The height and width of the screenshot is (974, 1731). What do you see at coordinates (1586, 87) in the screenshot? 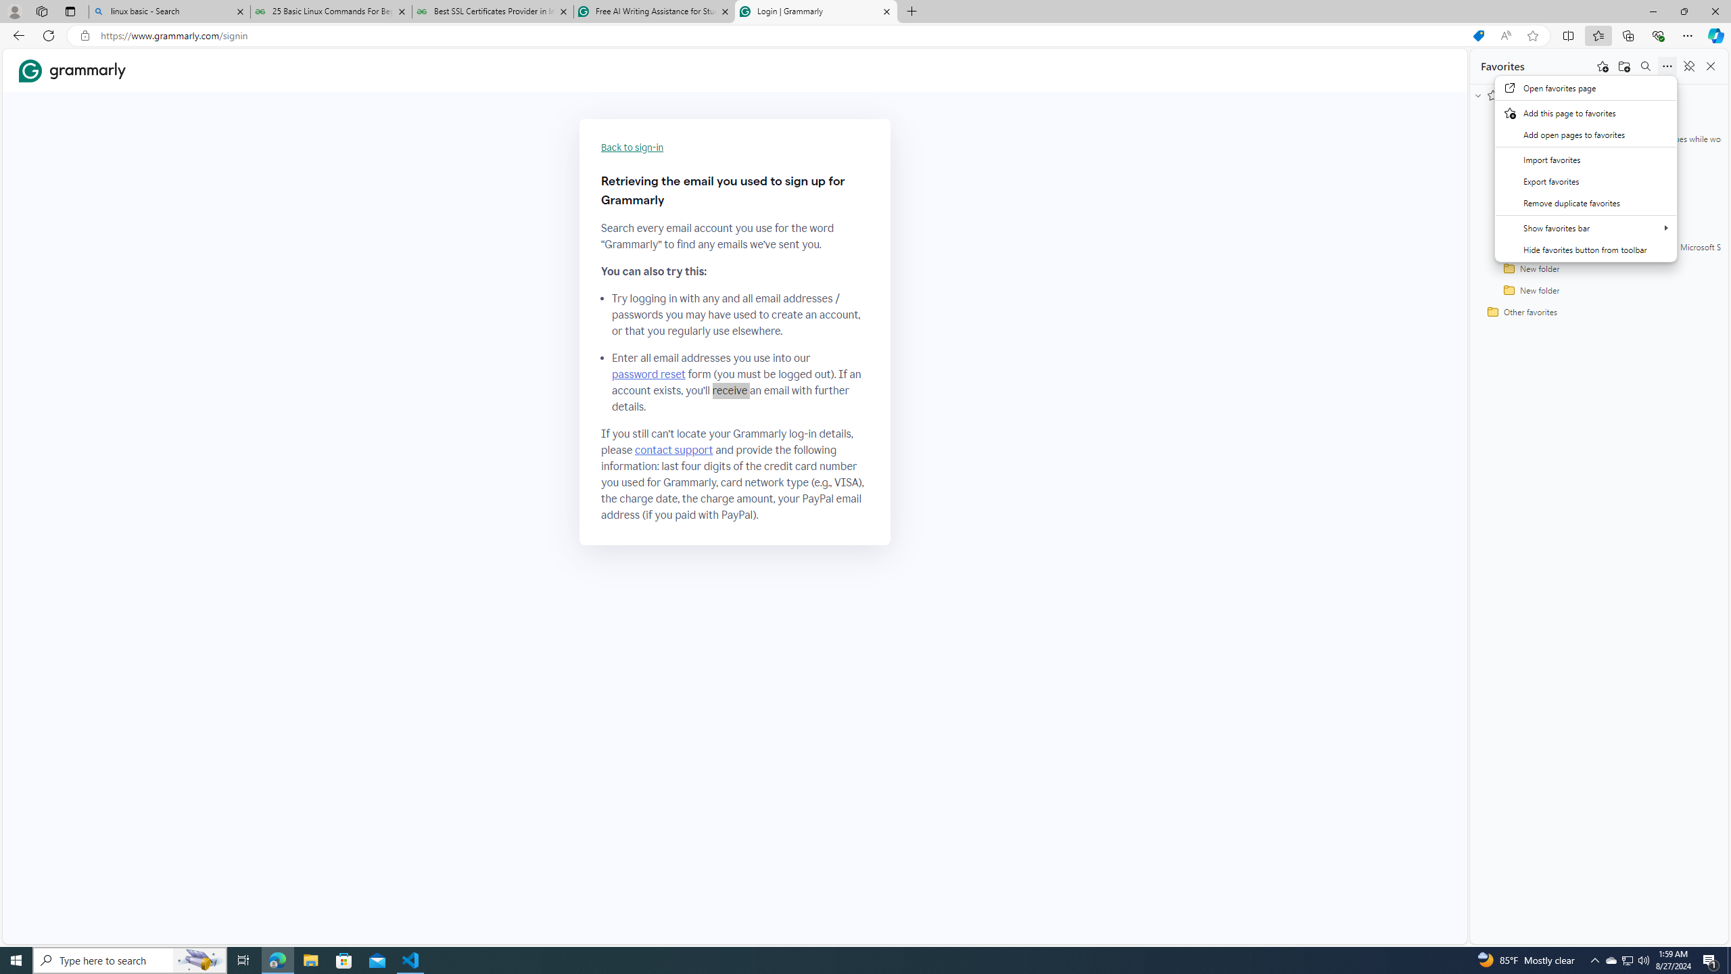
I see `'Open favorites page'` at bounding box center [1586, 87].